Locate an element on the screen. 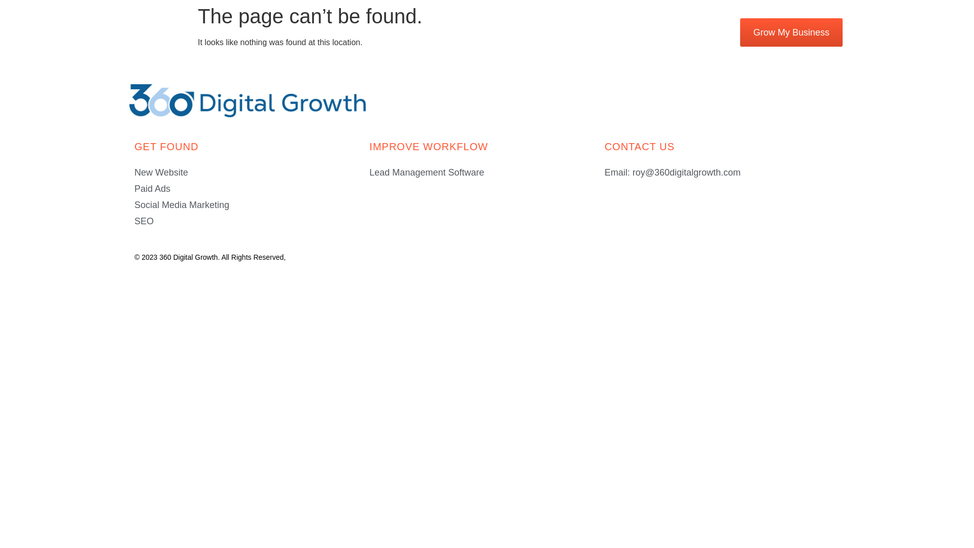 The image size is (974, 548). 'Grow My Business' is located at coordinates (791, 32).